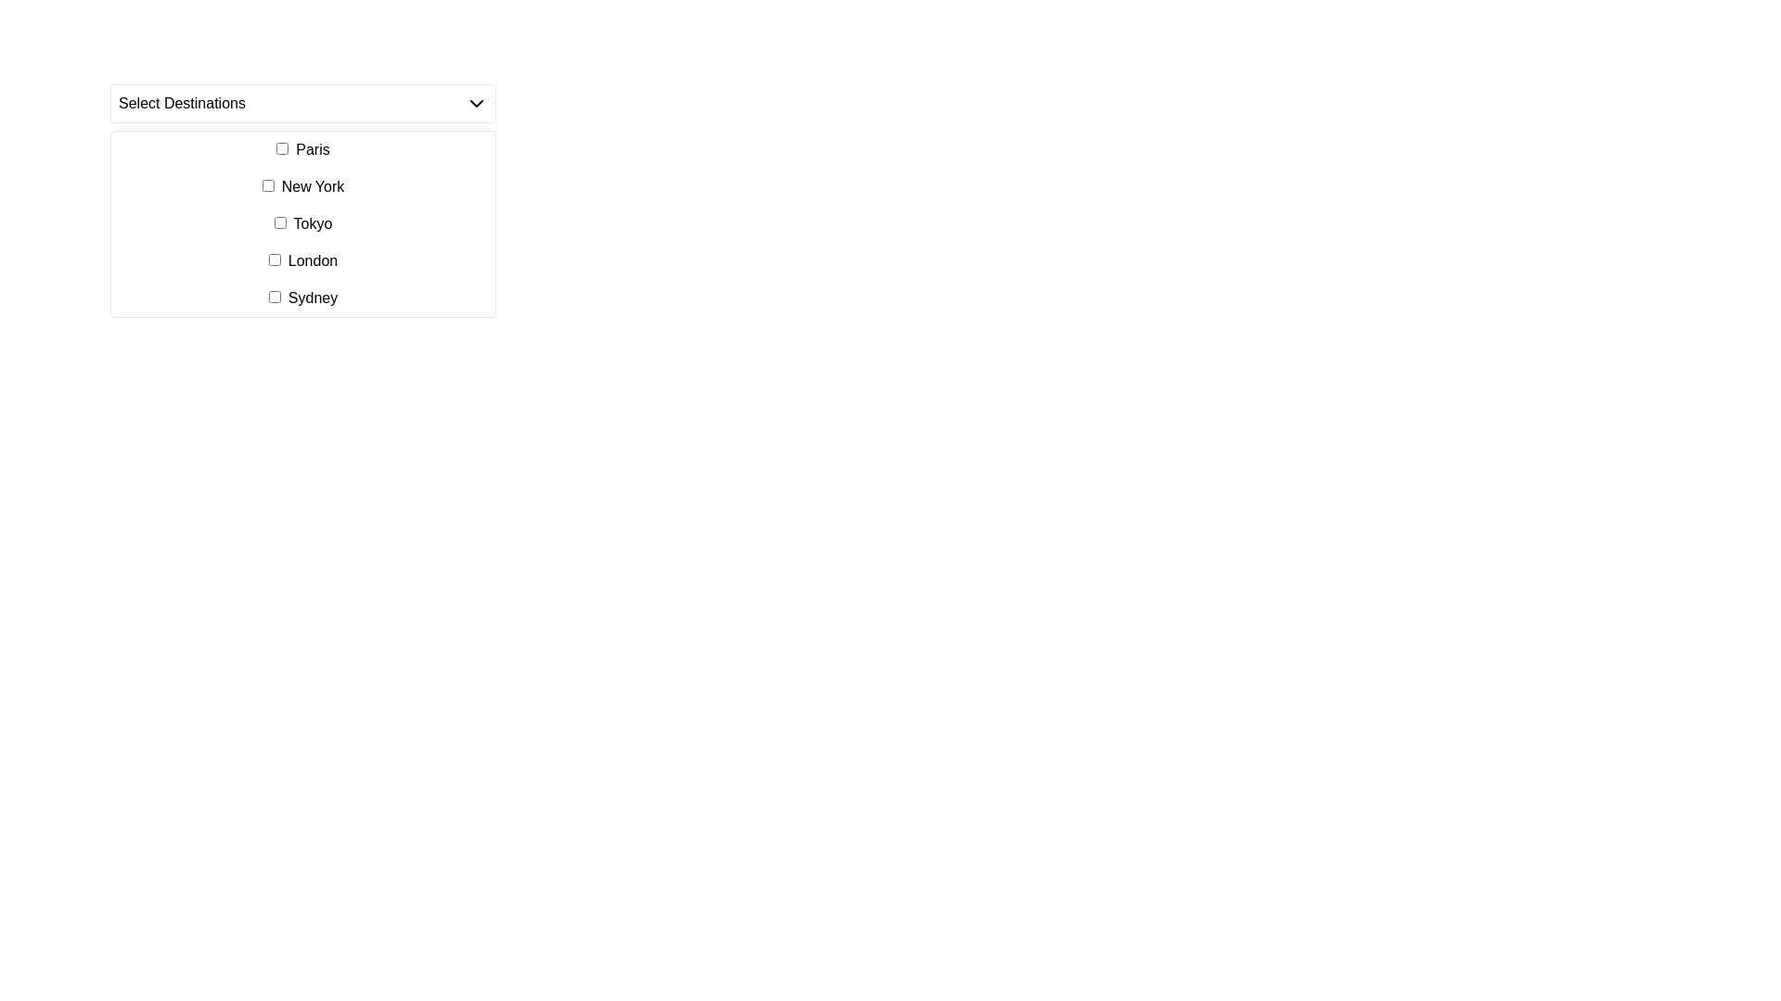 The width and height of the screenshot is (1781, 1001). What do you see at coordinates (302, 297) in the screenshot?
I see `the checkbox labeled 'Sydney' in the fifth row of the multi-select dropdown` at bounding box center [302, 297].